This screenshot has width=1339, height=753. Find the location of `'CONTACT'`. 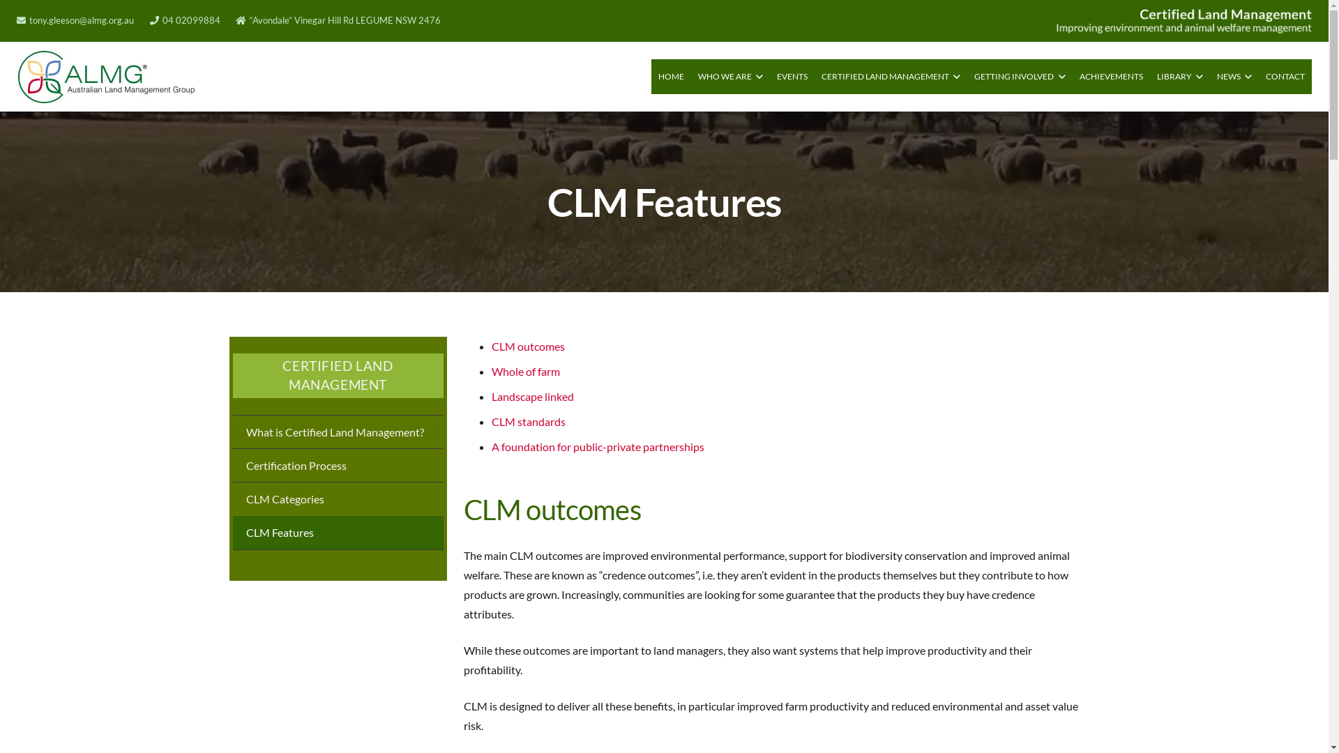

'CONTACT' is located at coordinates (1285, 77).